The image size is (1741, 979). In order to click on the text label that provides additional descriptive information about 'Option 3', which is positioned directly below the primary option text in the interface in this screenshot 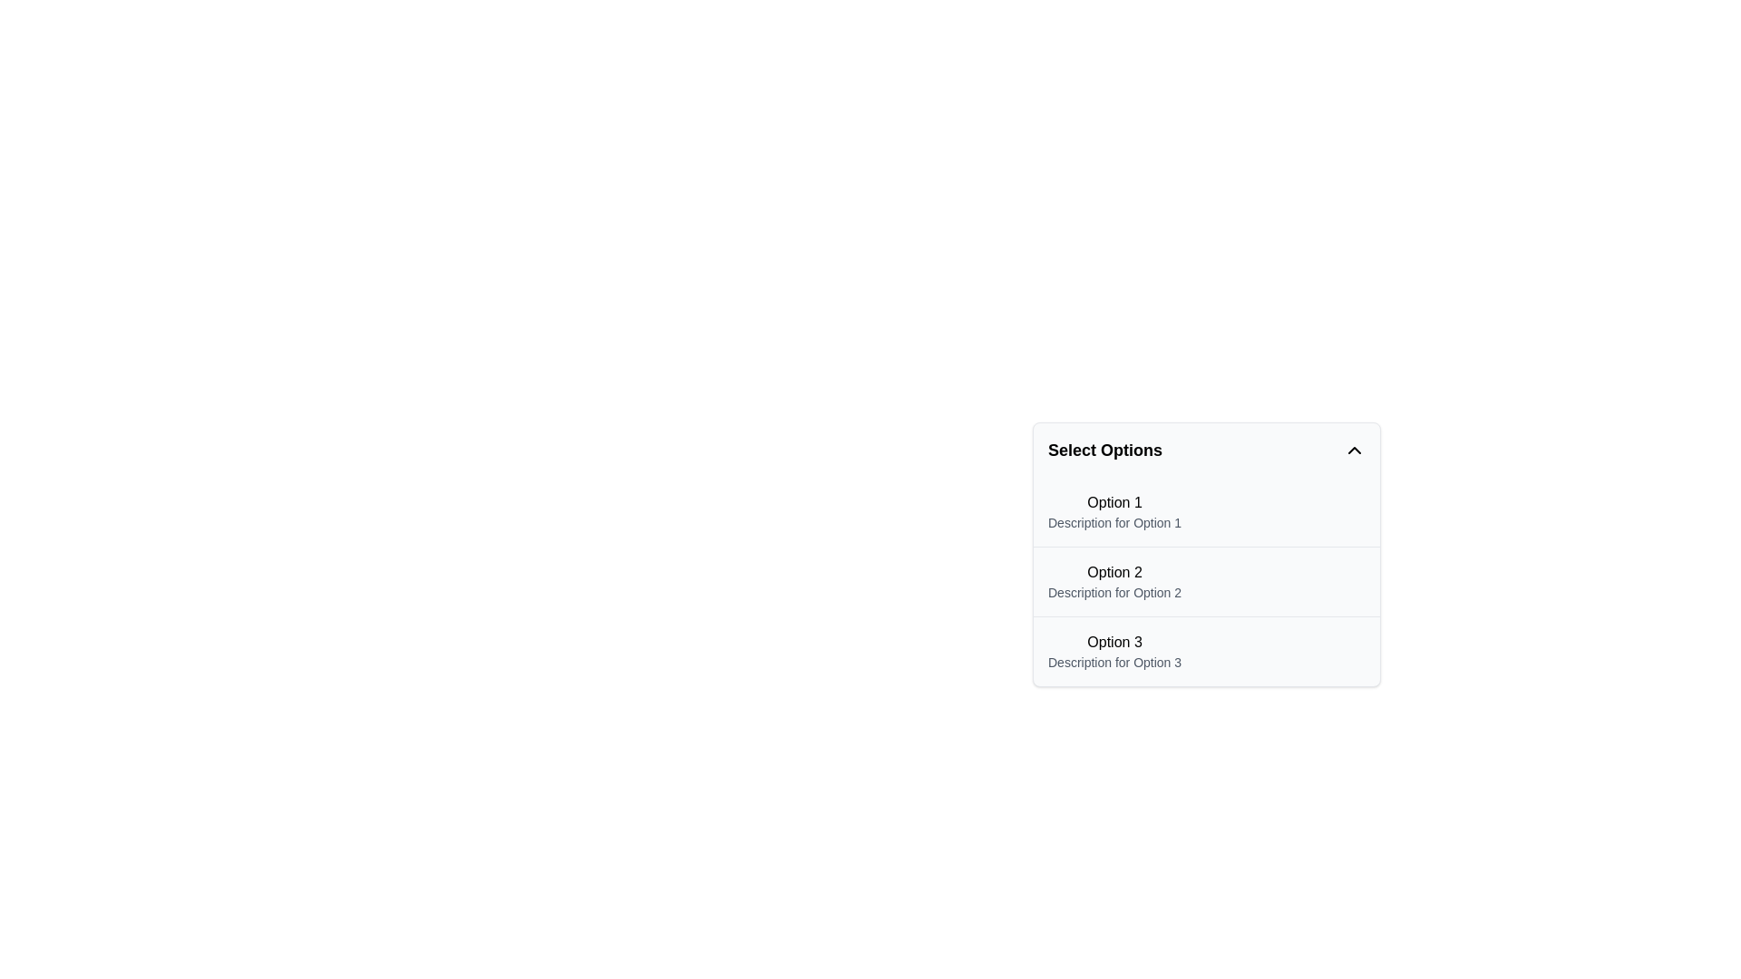, I will do `click(1114, 663)`.